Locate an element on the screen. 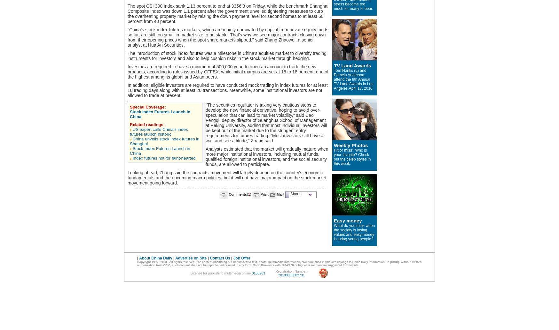 The height and width of the screenshot is (330, 559). 'Hit or miss? Who is your favorite? Check out the celeb styles in this week.' is located at coordinates (352, 156).